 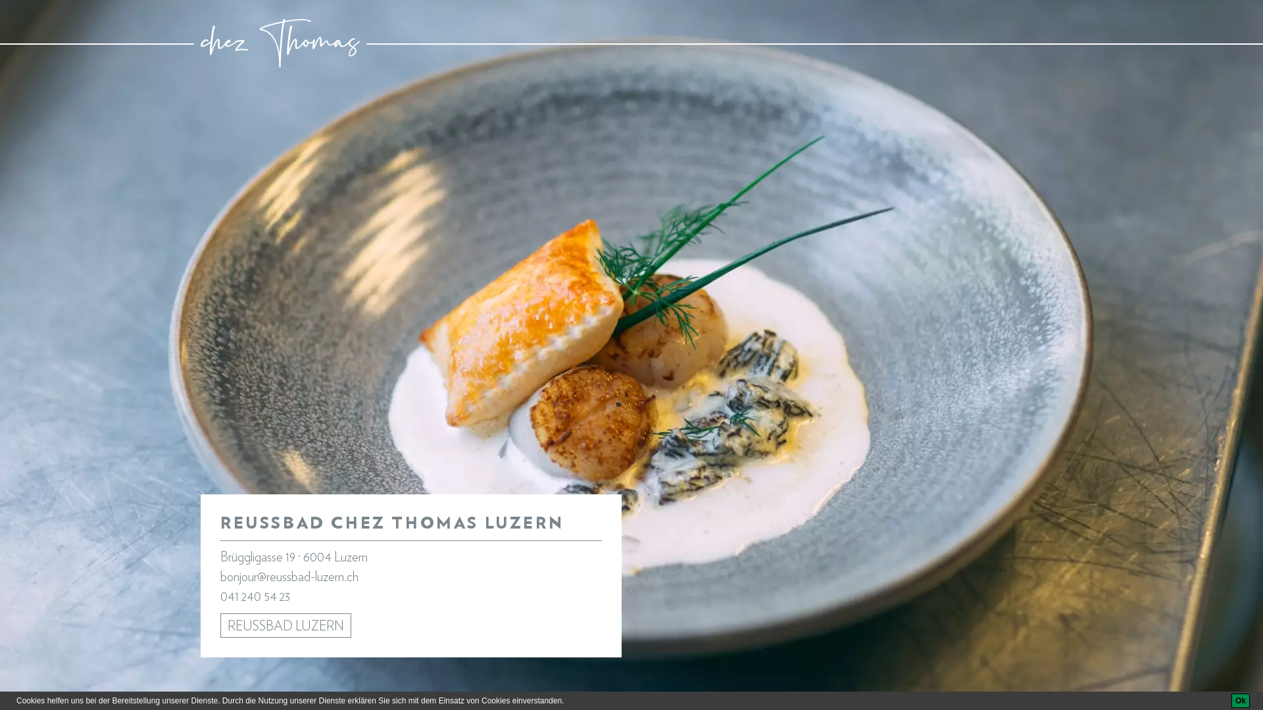 What do you see at coordinates (289, 577) in the screenshot?
I see `'bonjour@reussbad-luzern.ch'` at bounding box center [289, 577].